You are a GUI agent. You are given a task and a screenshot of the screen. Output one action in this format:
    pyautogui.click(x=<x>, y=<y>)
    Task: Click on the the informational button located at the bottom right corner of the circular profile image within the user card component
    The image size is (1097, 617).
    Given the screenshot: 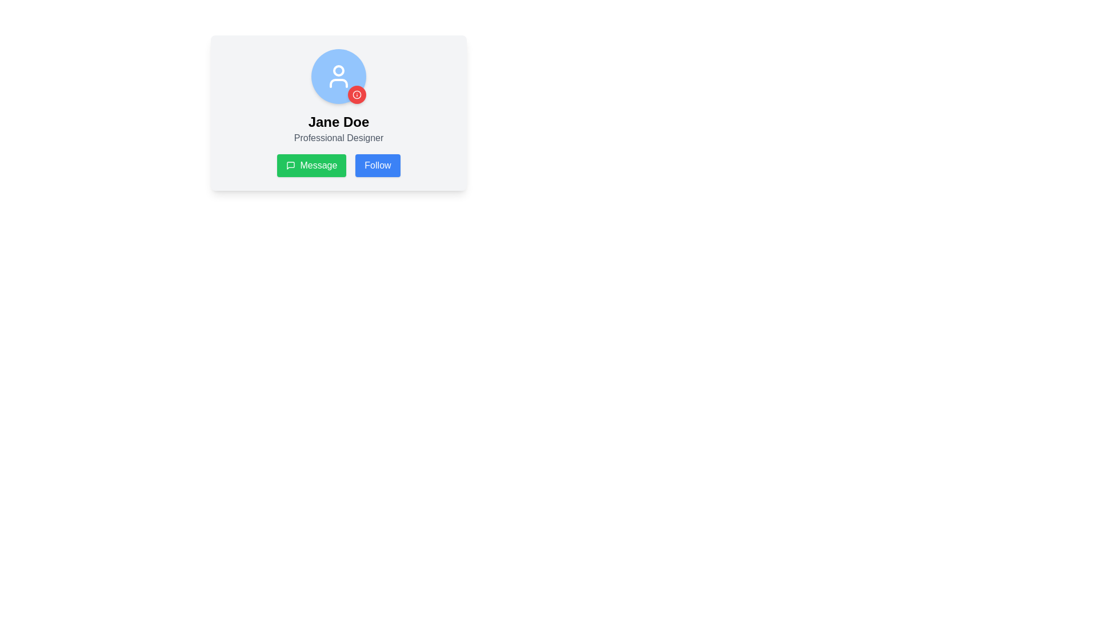 What is the action you would take?
    pyautogui.click(x=356, y=94)
    